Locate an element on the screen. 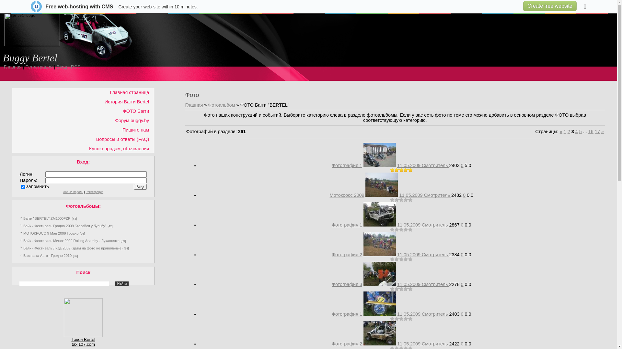  'RSS' is located at coordinates (71, 67).